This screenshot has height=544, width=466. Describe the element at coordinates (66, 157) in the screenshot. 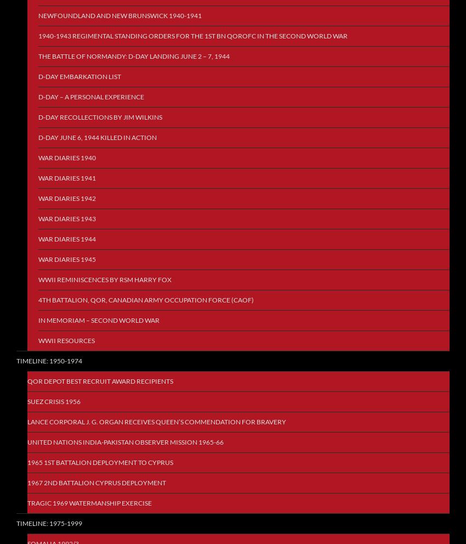

I see `'War Diaries 1940'` at that location.